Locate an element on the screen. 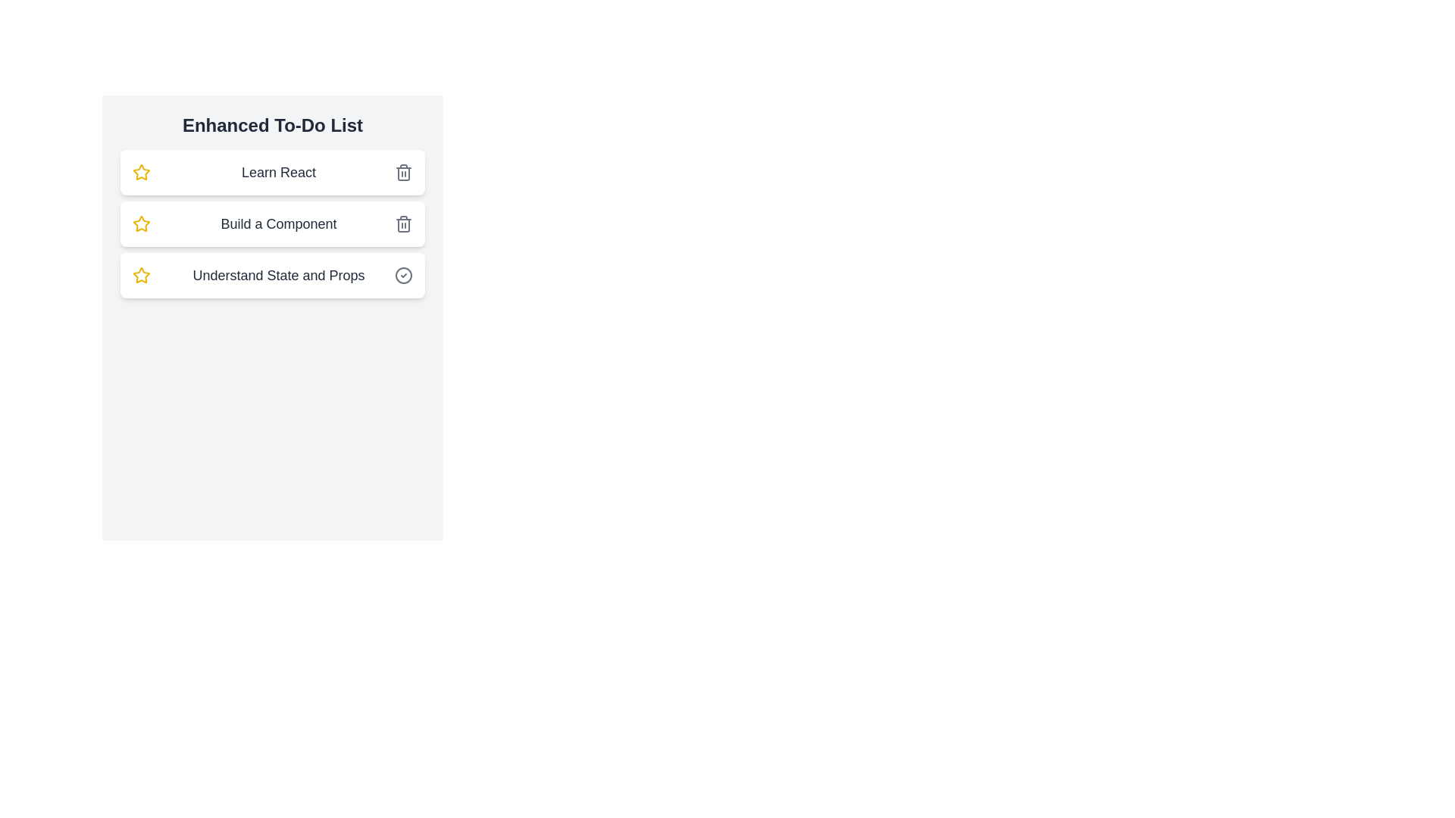 The width and height of the screenshot is (1455, 818). the second star icon with a yellow outline adjacent to the 'Build a Component' text is located at coordinates (142, 223).